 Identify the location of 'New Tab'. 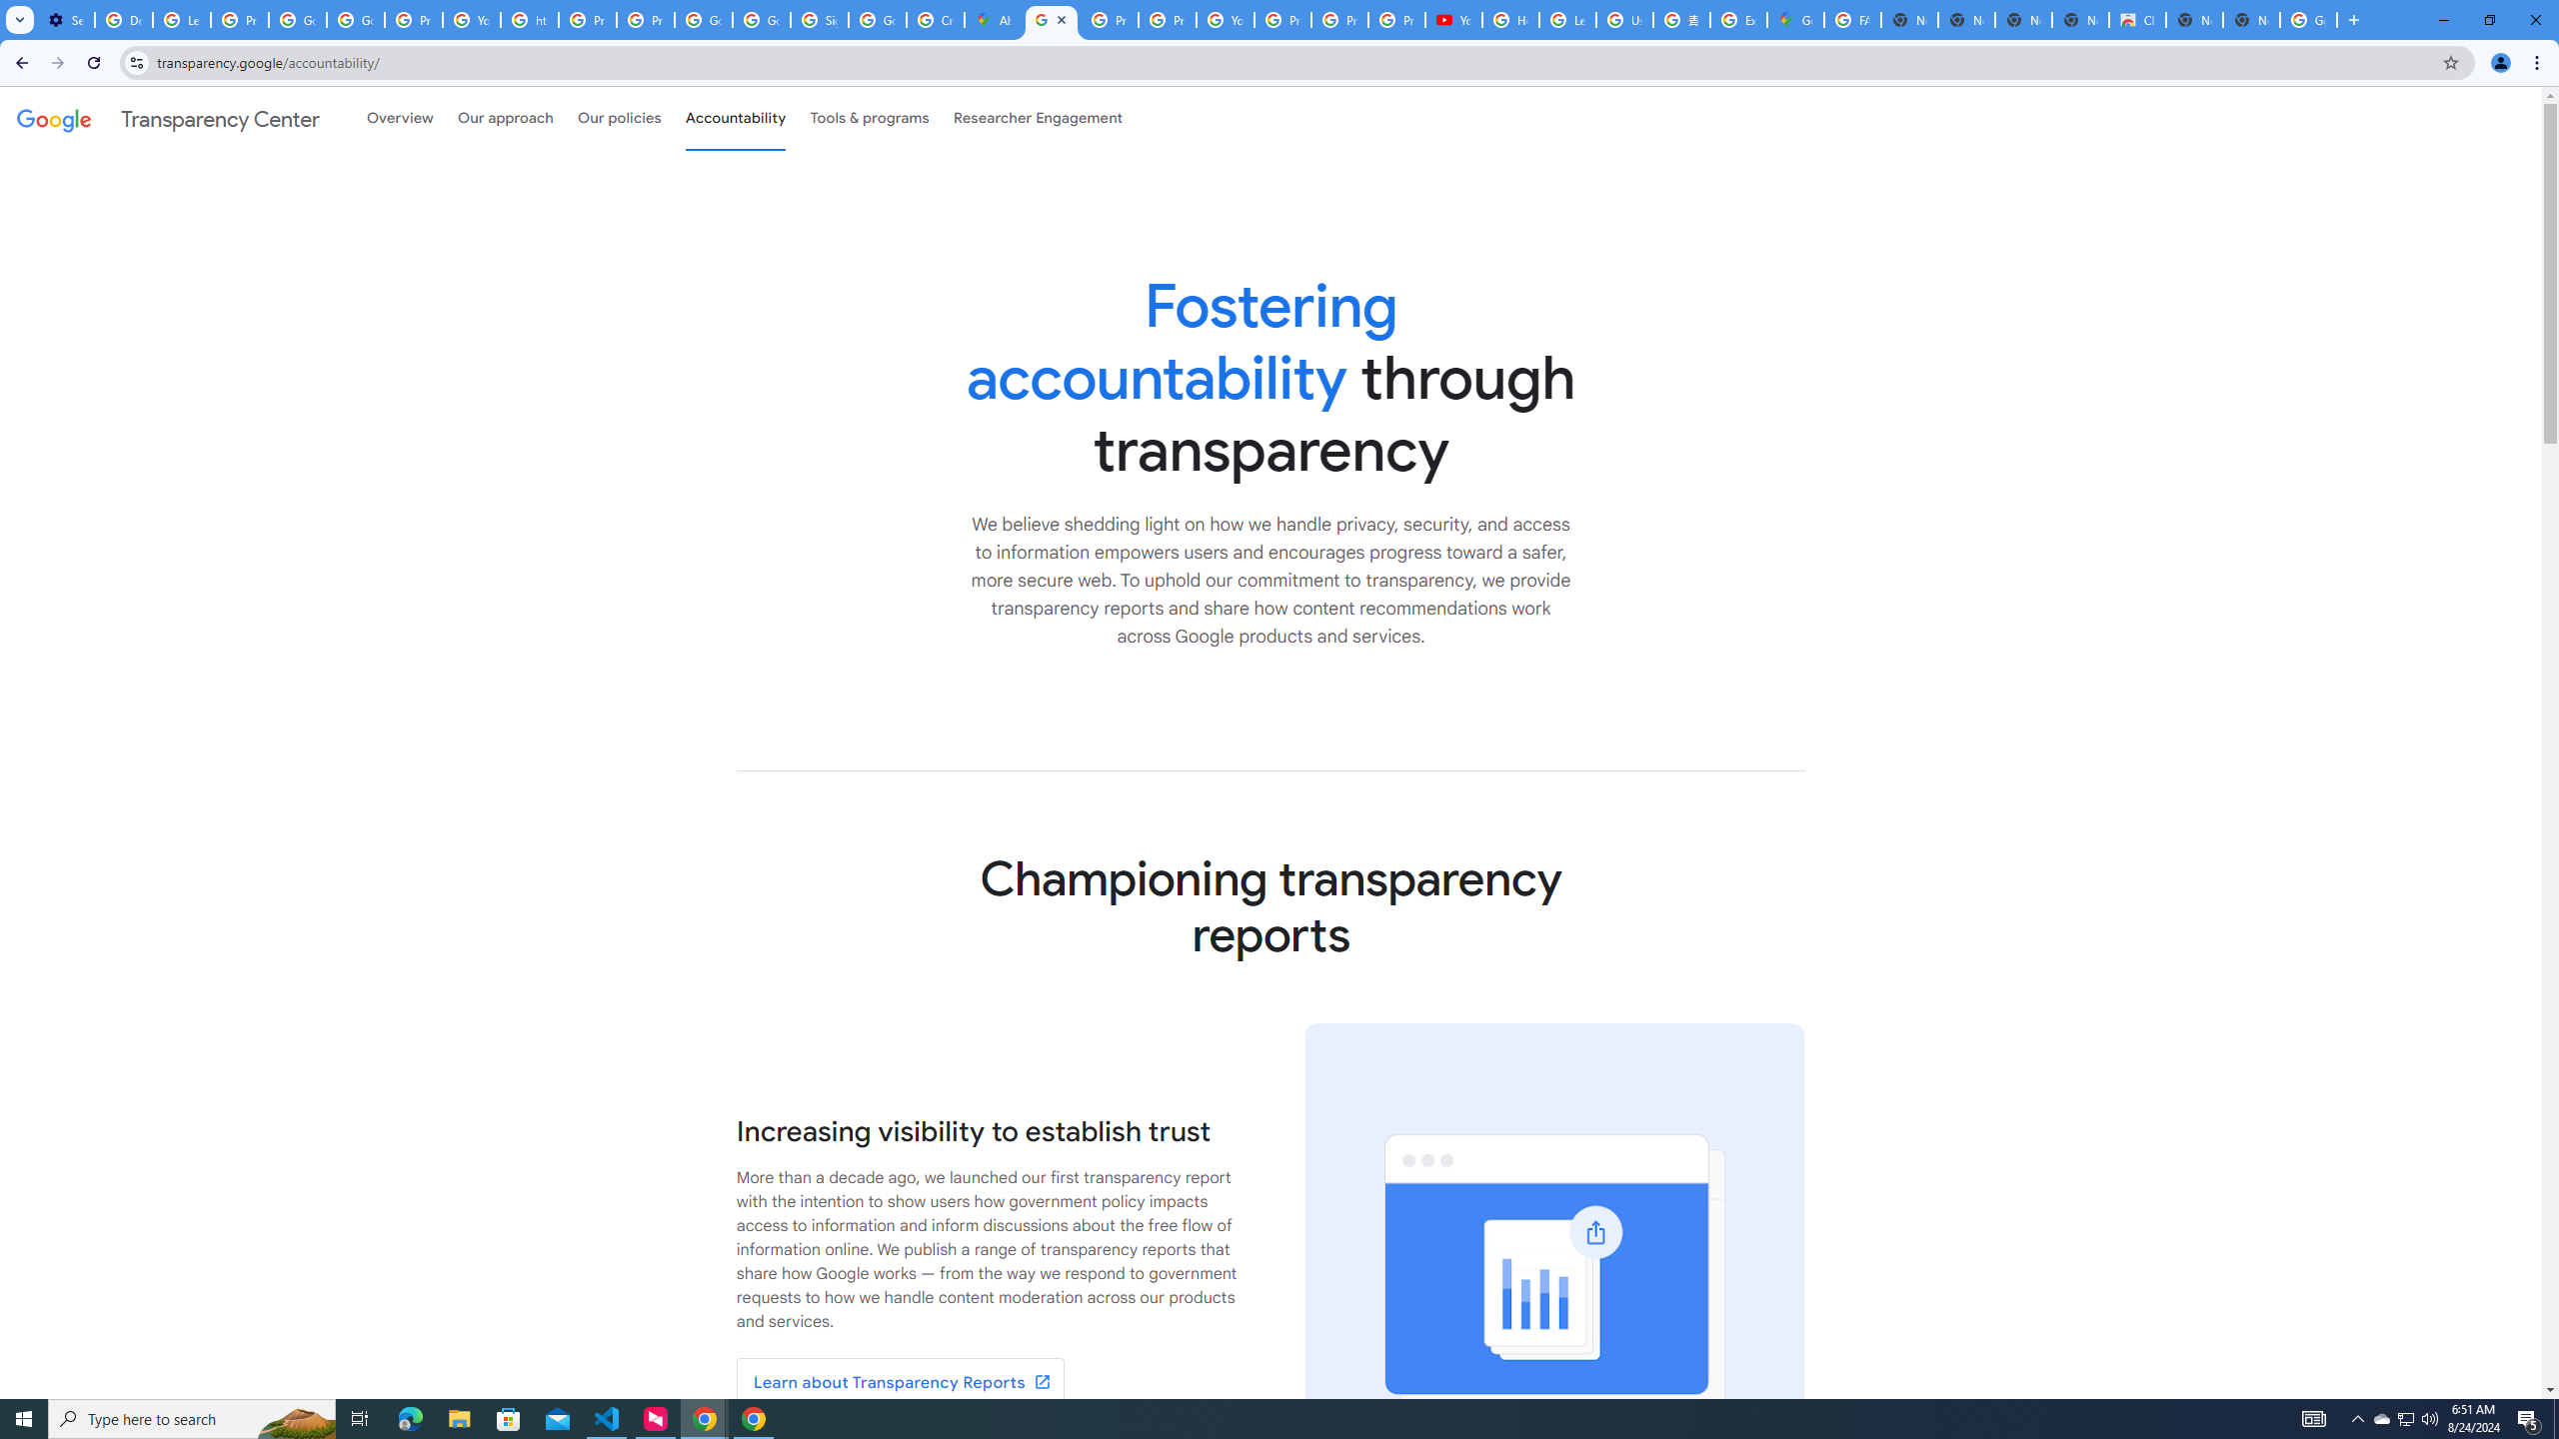
(2250, 19).